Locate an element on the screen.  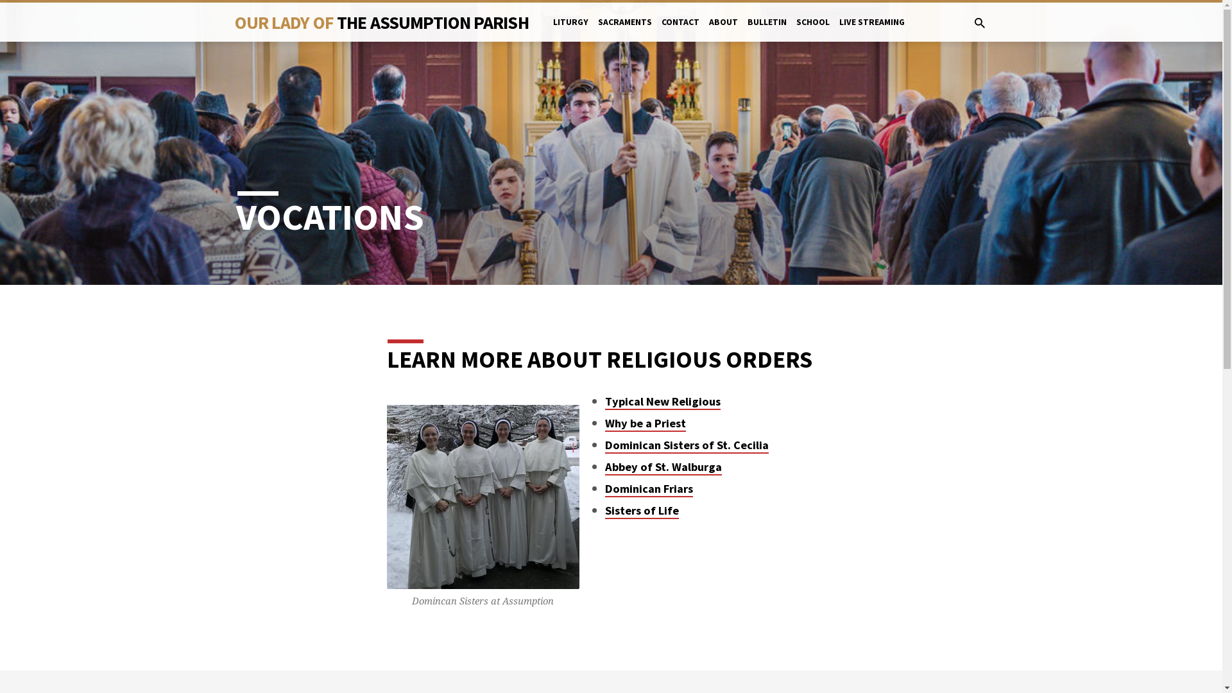
'SACRAMENTS' is located at coordinates (625, 30).